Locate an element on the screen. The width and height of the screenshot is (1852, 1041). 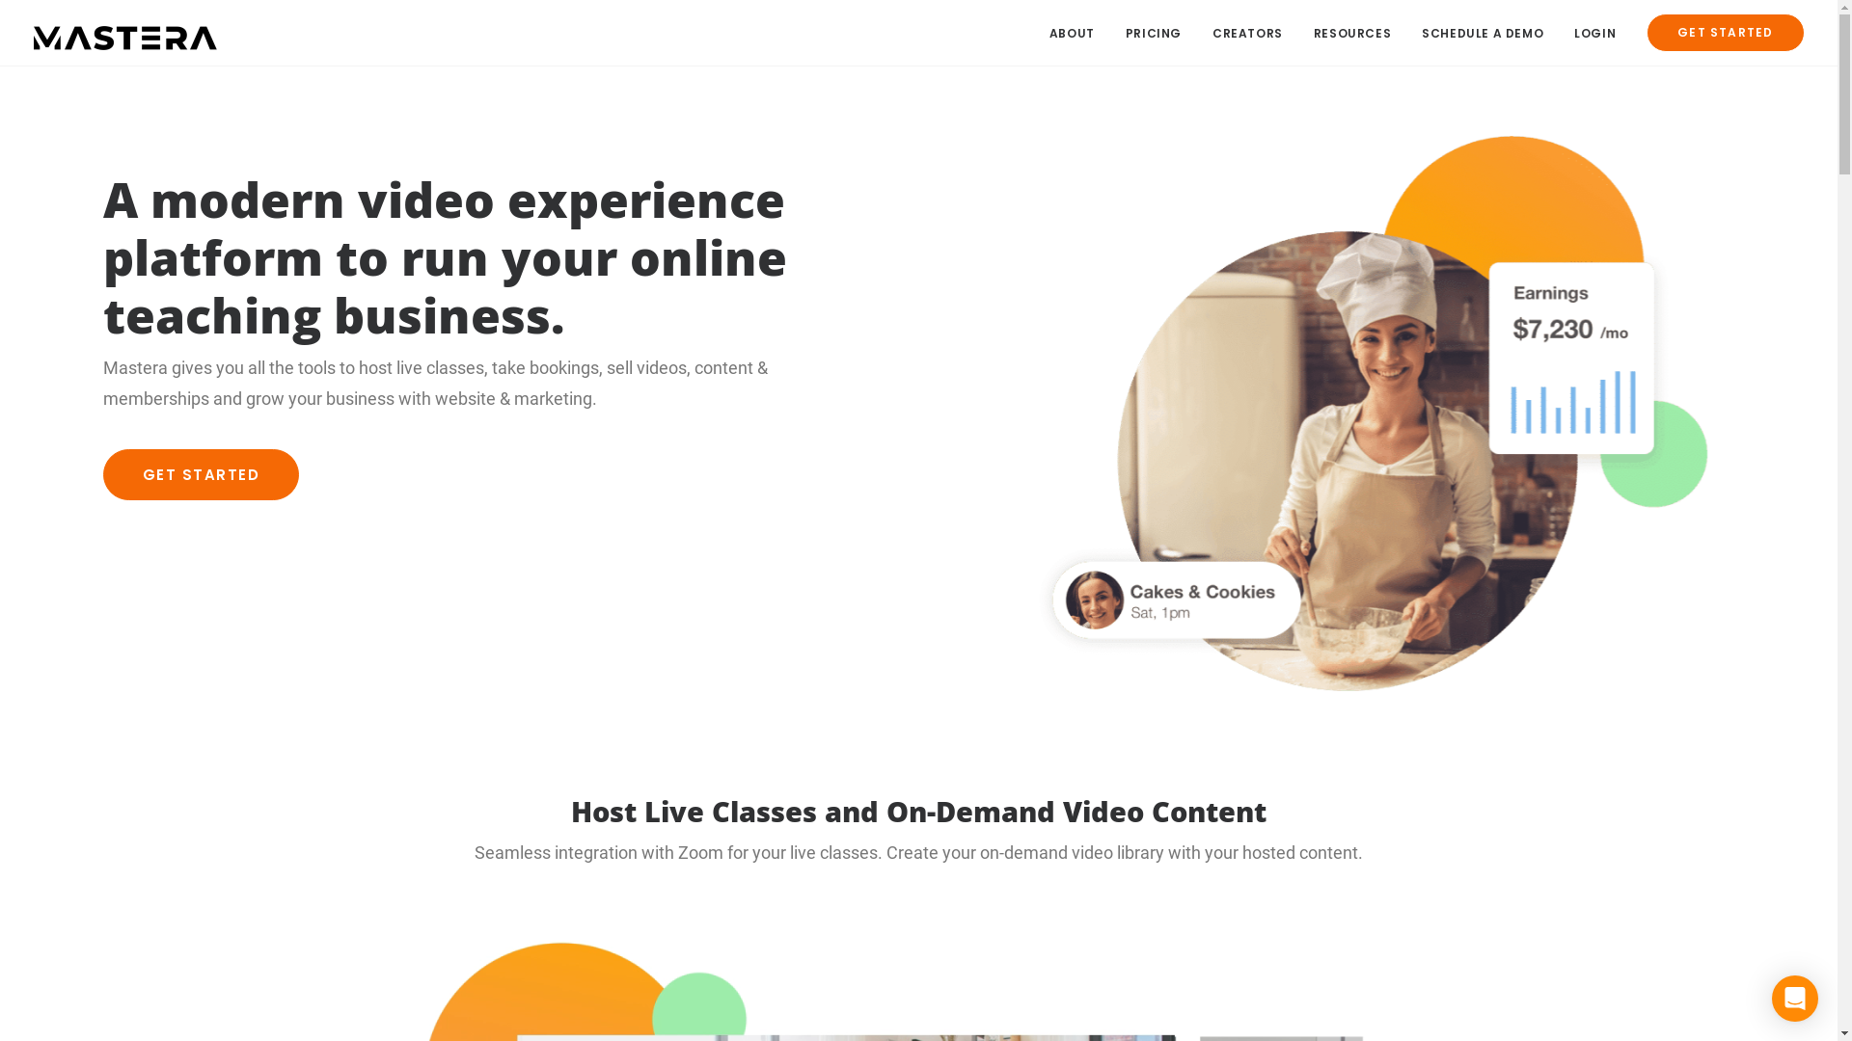
'GET STARTED' is located at coordinates (200, 474).